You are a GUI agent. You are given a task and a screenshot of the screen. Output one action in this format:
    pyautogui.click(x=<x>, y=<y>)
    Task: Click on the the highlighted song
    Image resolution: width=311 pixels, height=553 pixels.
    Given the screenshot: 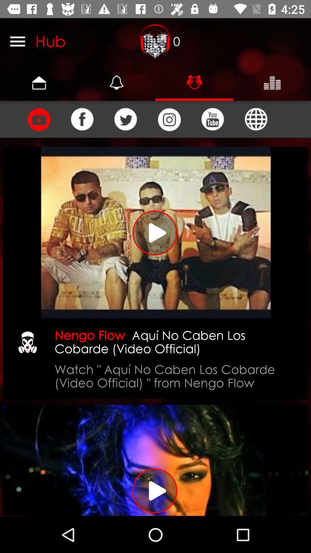 What is the action you would take?
    pyautogui.click(x=155, y=232)
    